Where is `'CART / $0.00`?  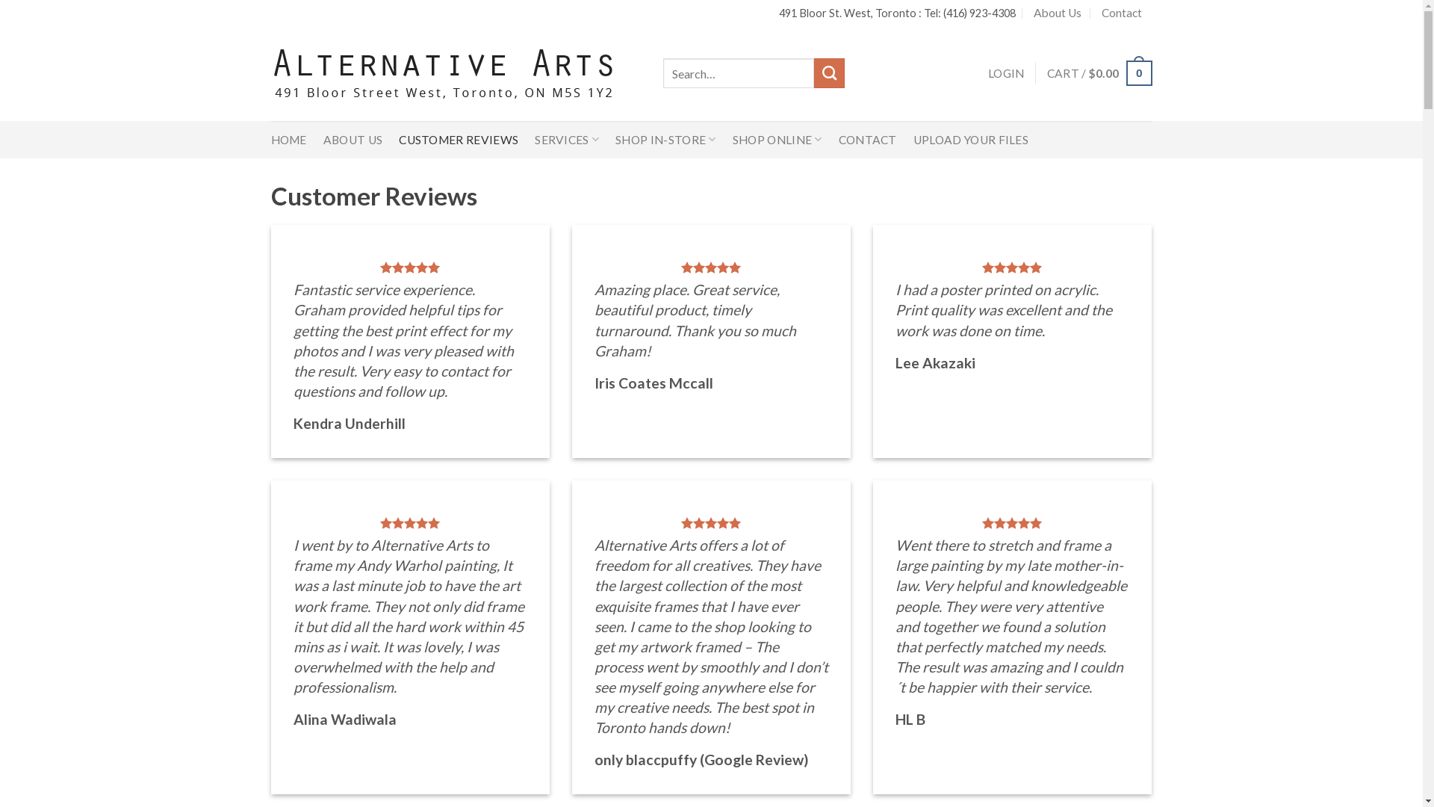
'CART / $0.00 is located at coordinates (1046, 73).